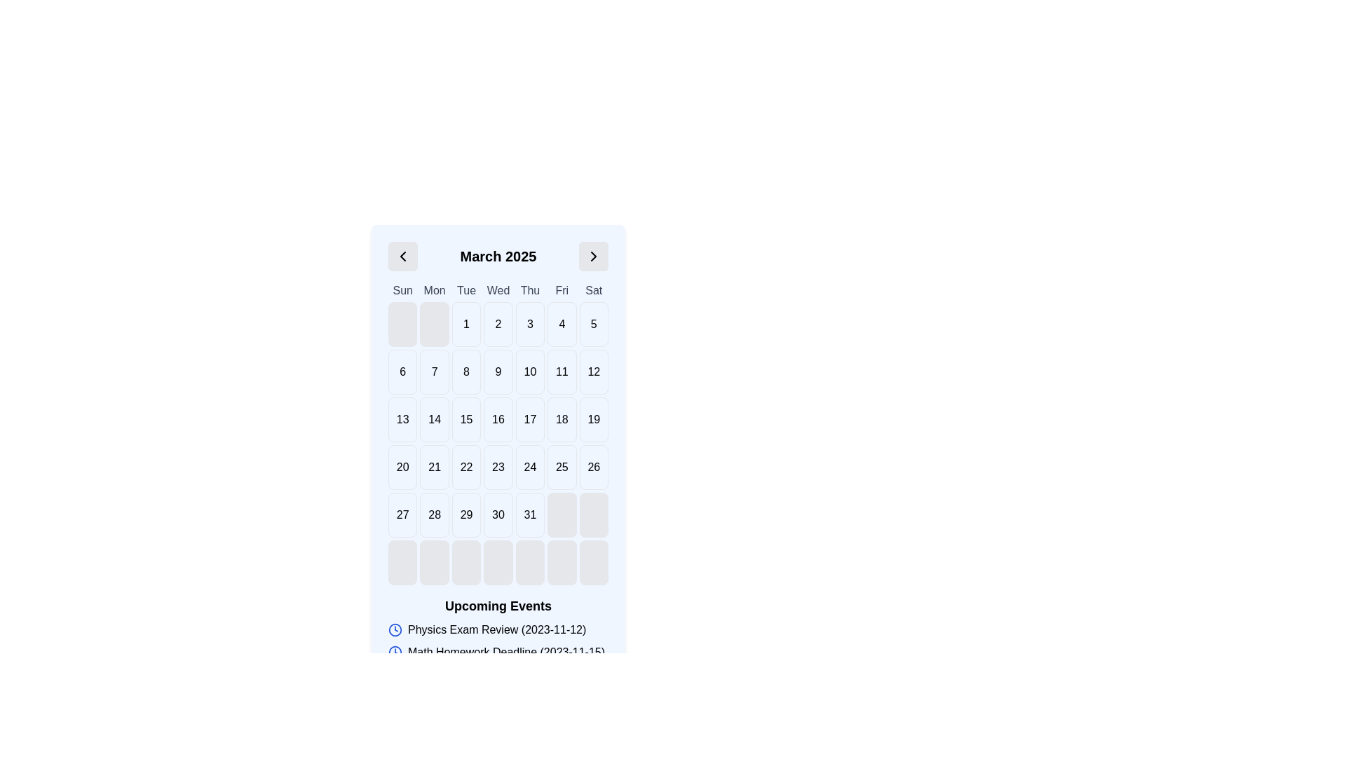 This screenshot has width=1346, height=757. I want to click on the inactive calendar slot located in the final row under the 'Saturday' column, which is a rectangular box with a rounded border and light gray background, so click(594, 561).